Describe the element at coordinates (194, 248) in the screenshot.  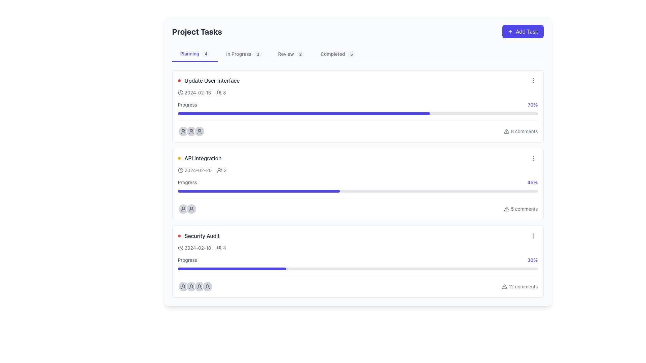
I see `date '2024-02-18' displayed in the metadata row of the 'Security Audit' task block, located just below the task title` at that location.